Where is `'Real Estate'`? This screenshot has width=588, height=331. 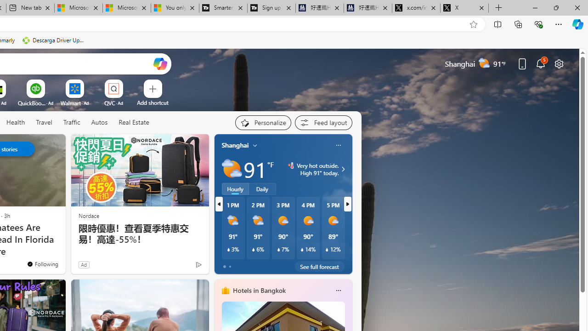
'Real Estate' is located at coordinates (133, 122).